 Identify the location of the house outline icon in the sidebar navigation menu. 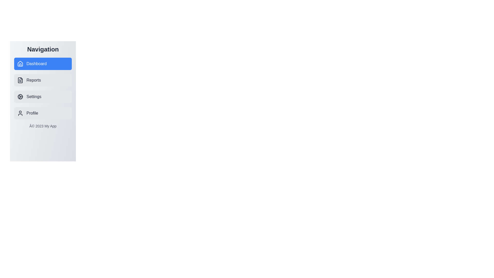
(20, 63).